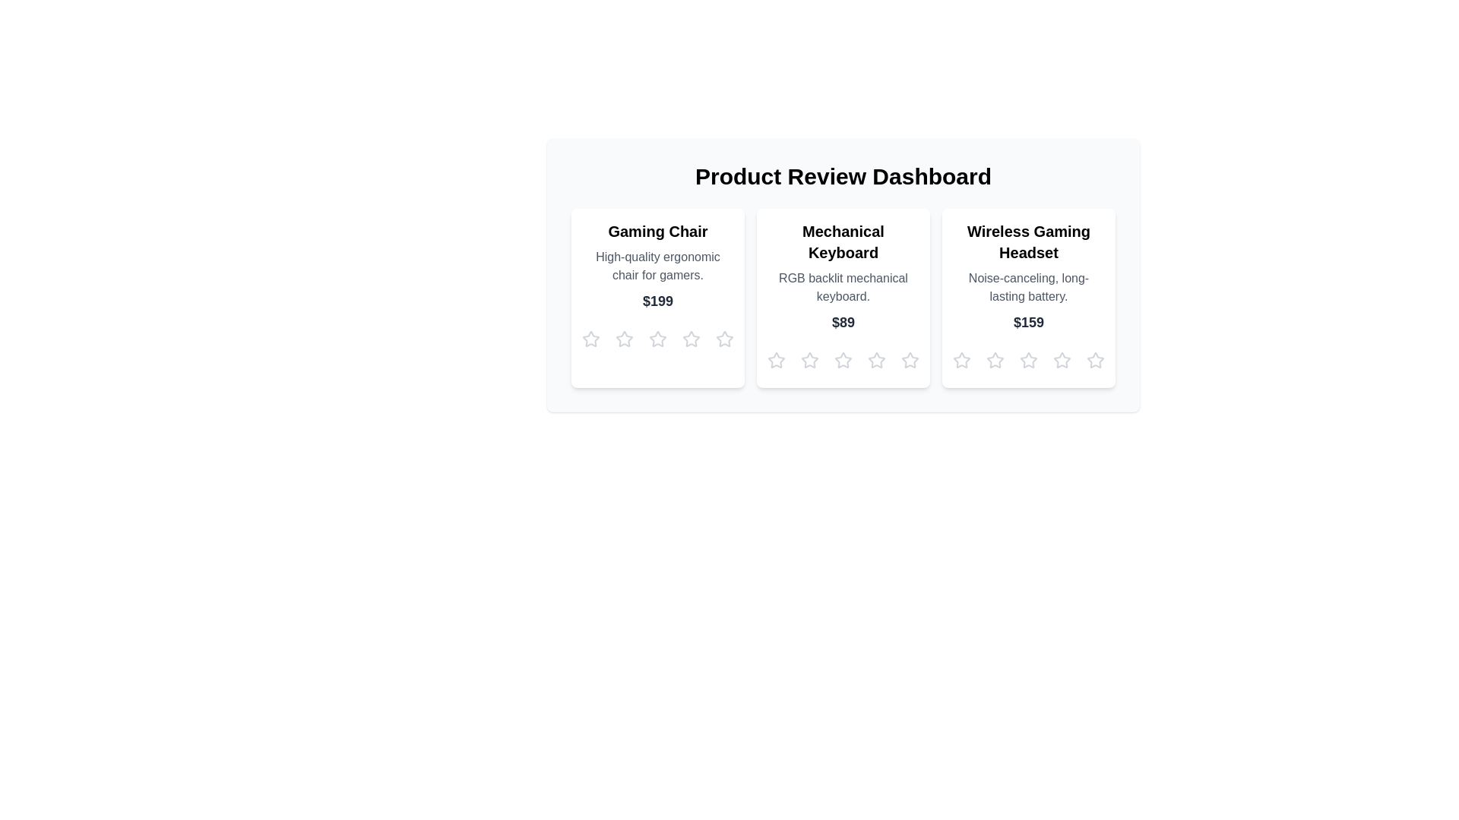  Describe the element at coordinates (691, 339) in the screenshot. I see `the star corresponding to 4 for the product Gaming Chair` at that location.